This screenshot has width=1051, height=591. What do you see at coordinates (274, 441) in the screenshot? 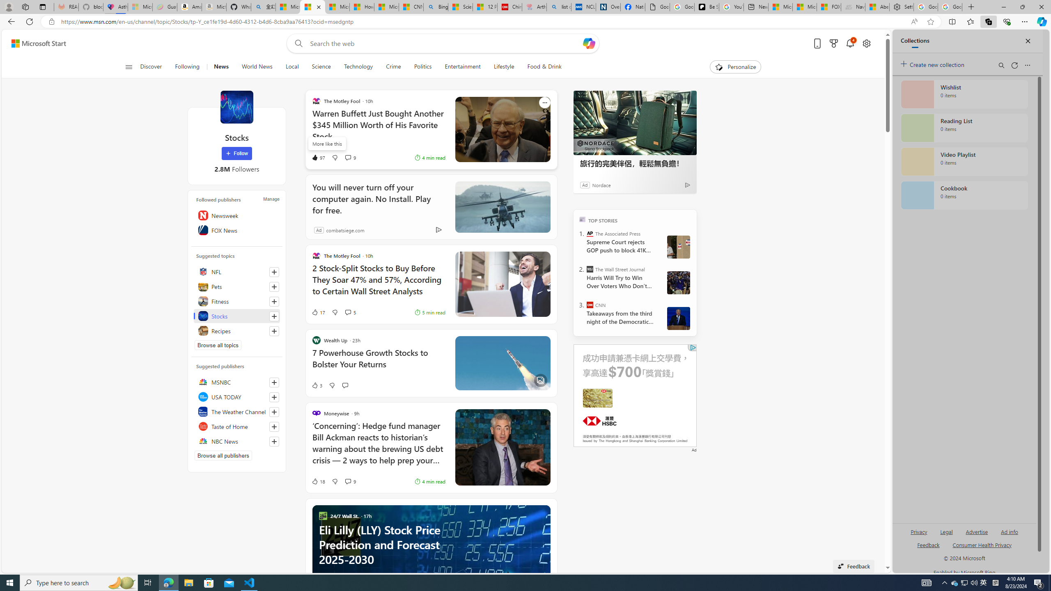
I see `'Follow this source'` at bounding box center [274, 441].